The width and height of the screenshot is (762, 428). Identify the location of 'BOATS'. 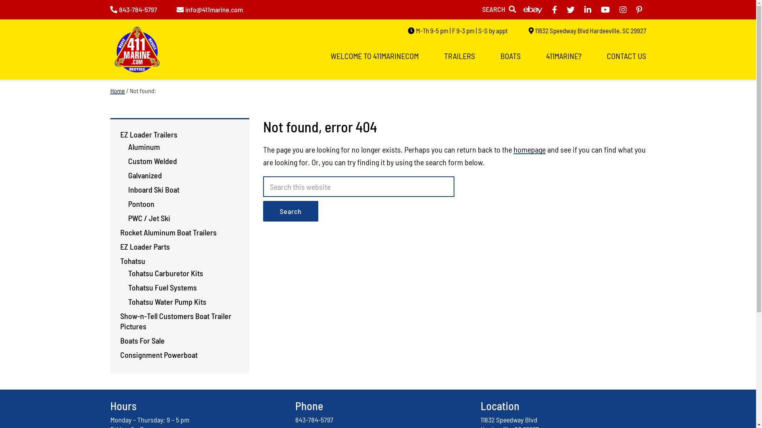
(510, 55).